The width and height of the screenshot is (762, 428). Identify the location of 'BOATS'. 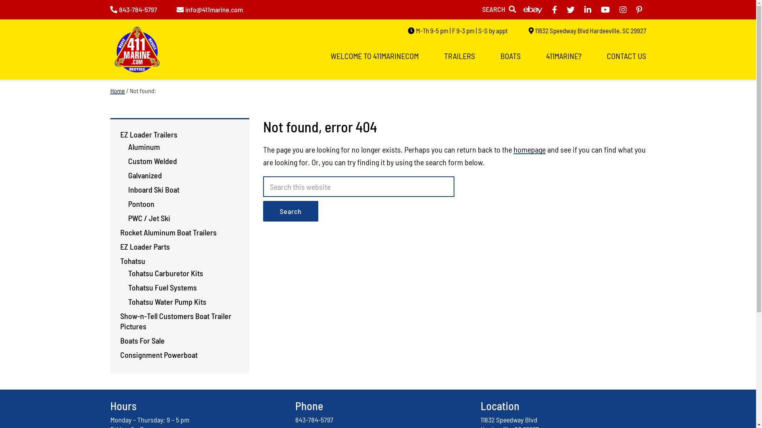
(510, 55).